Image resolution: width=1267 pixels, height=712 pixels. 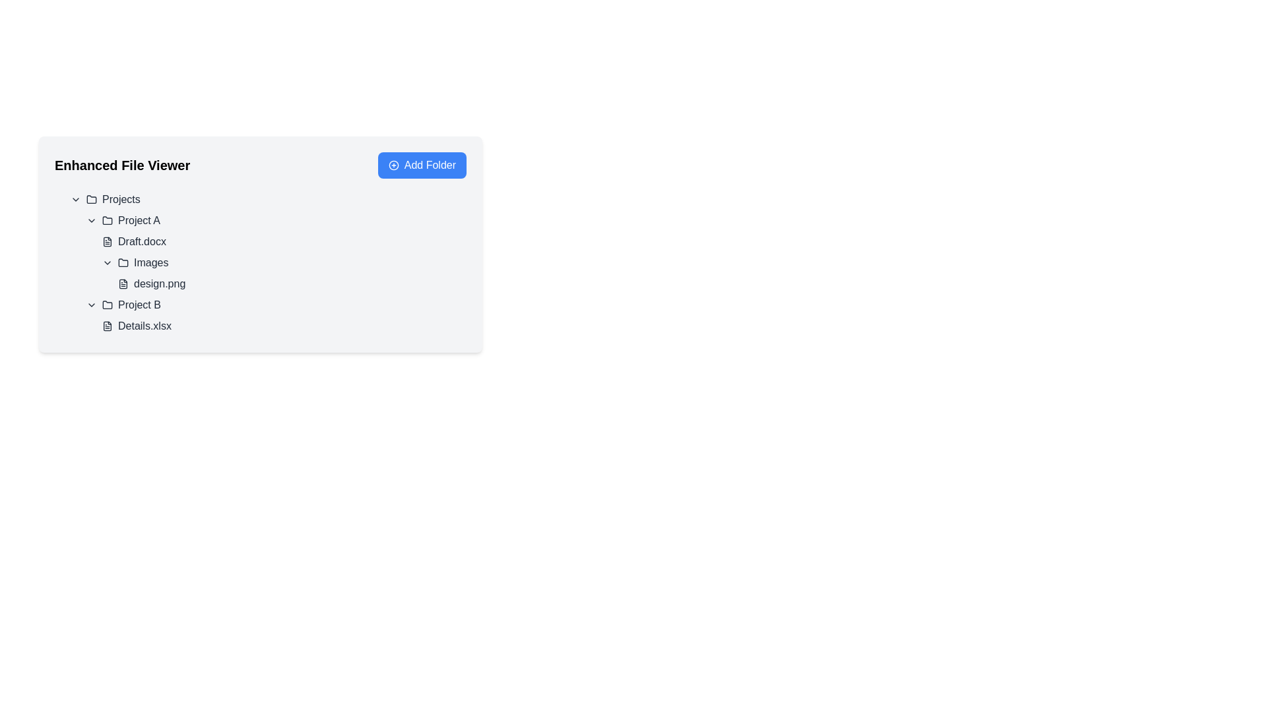 What do you see at coordinates (108, 326) in the screenshot?
I see `the document icon, which is a rectangular shape with a folded corner, located under the 'Project B' directory in the 'Enhanced File Viewer' interface` at bounding box center [108, 326].